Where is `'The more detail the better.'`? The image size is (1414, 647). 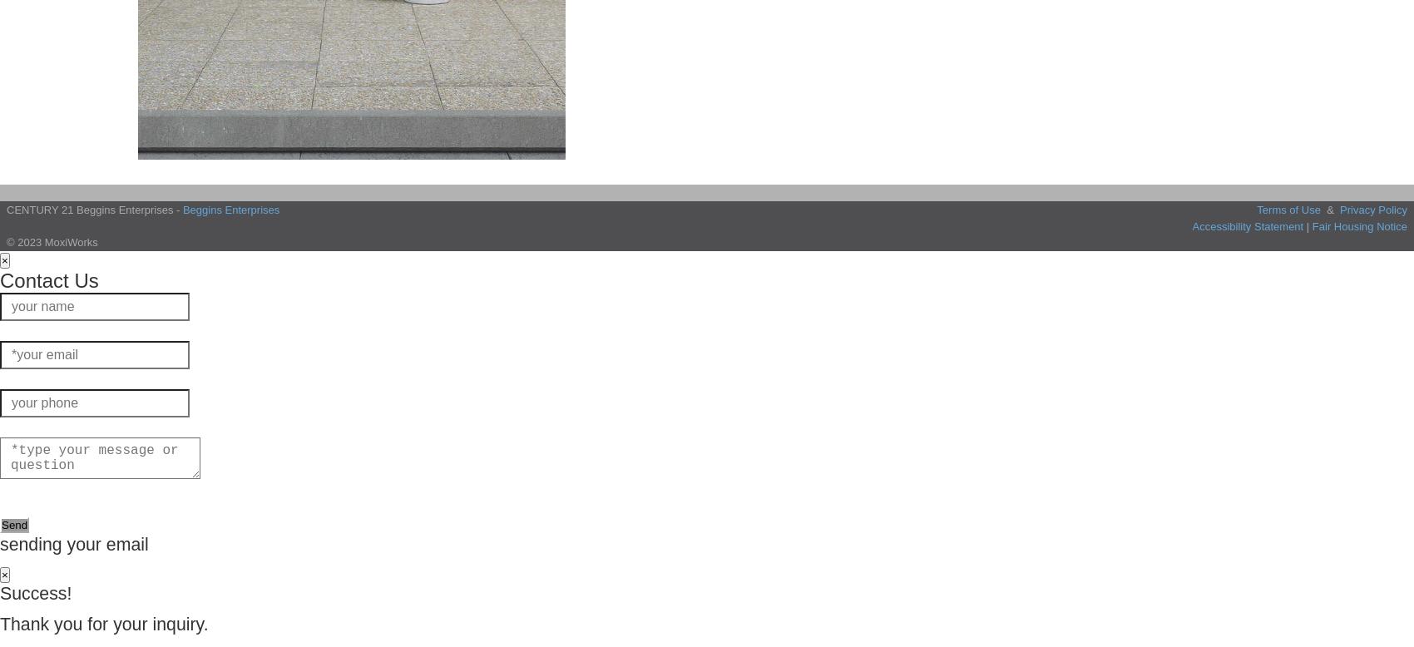
'The more detail the better.' is located at coordinates (0, 491).